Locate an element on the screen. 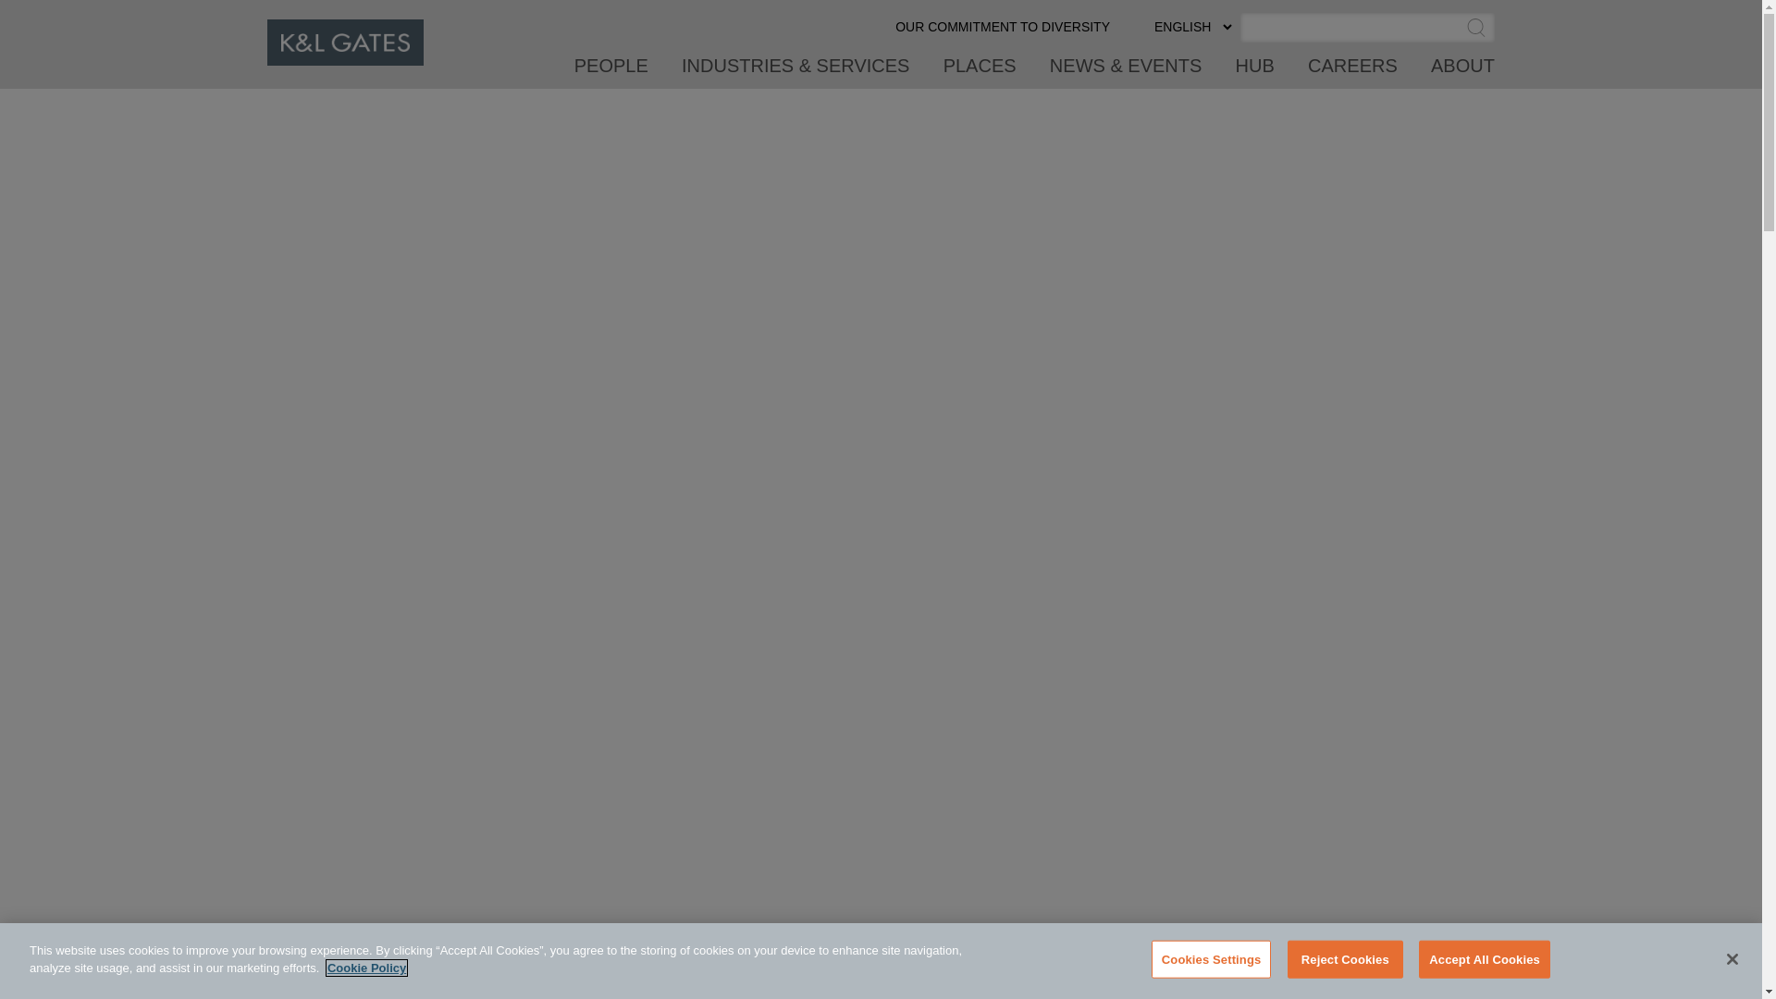 Image resolution: width=1776 pixels, height=999 pixels. 'INDUSTRIES & SERVICES' is located at coordinates (681, 70).